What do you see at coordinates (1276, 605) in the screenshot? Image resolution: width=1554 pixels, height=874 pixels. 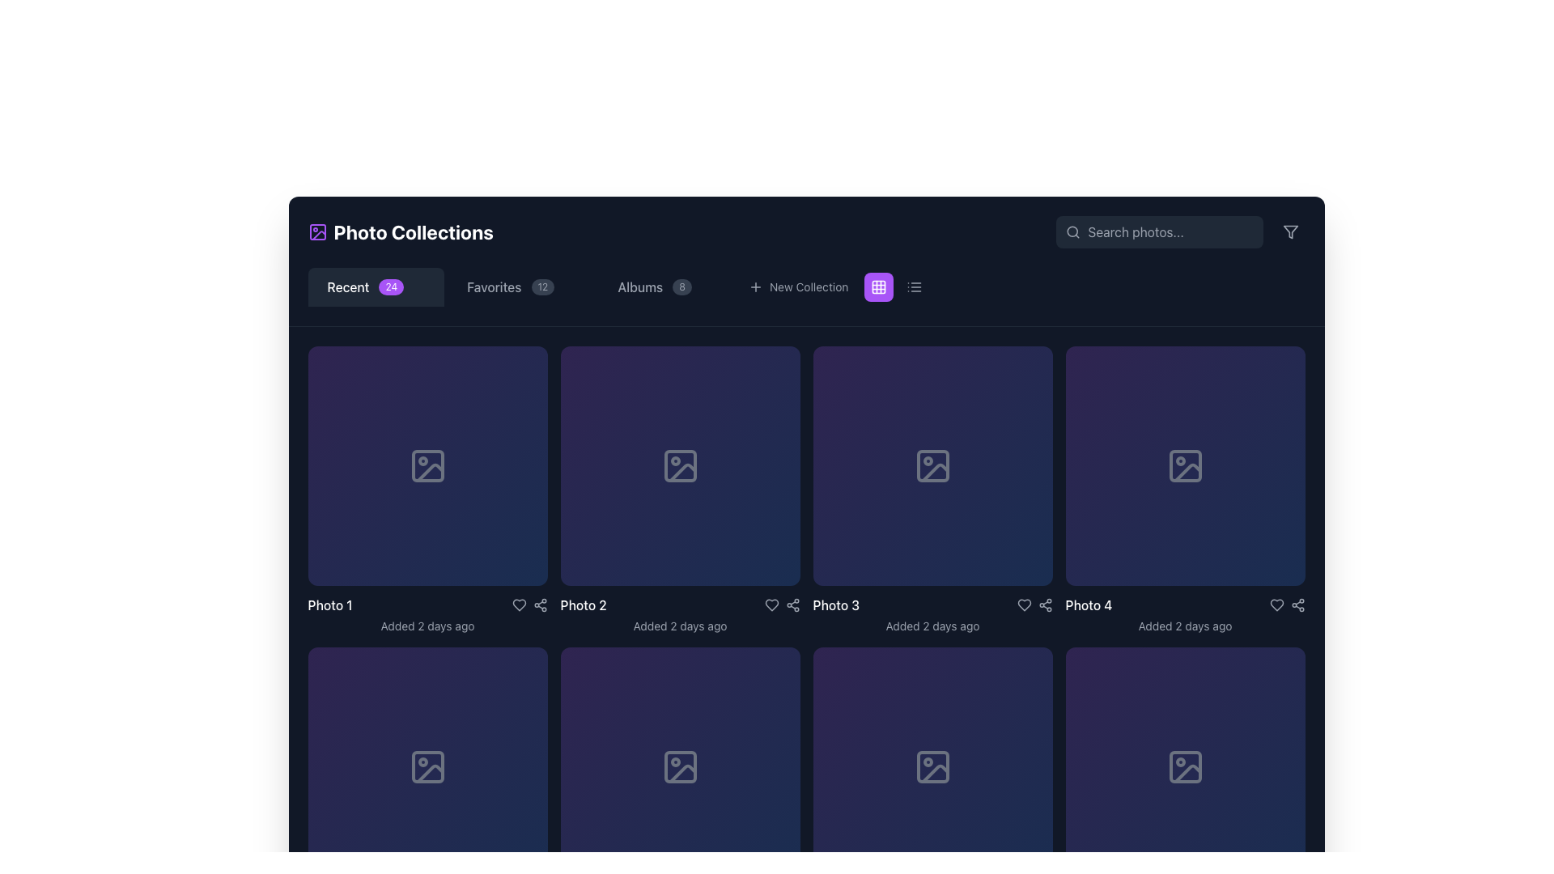 I see `the heart-shaped like button located to the right of the 'Photo 4' label in the gallery to like or favorite the item` at bounding box center [1276, 605].